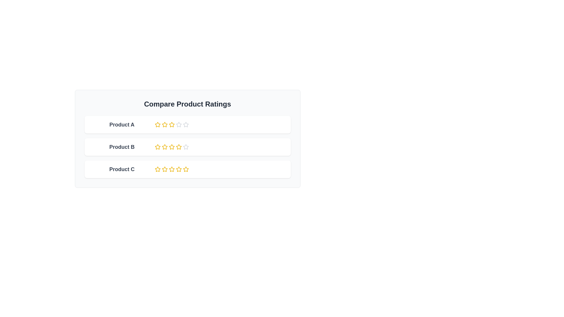 The height and width of the screenshot is (317, 564). What do you see at coordinates (164, 169) in the screenshot?
I see `the third star in the five-star rating widget for 'Product C'` at bounding box center [164, 169].